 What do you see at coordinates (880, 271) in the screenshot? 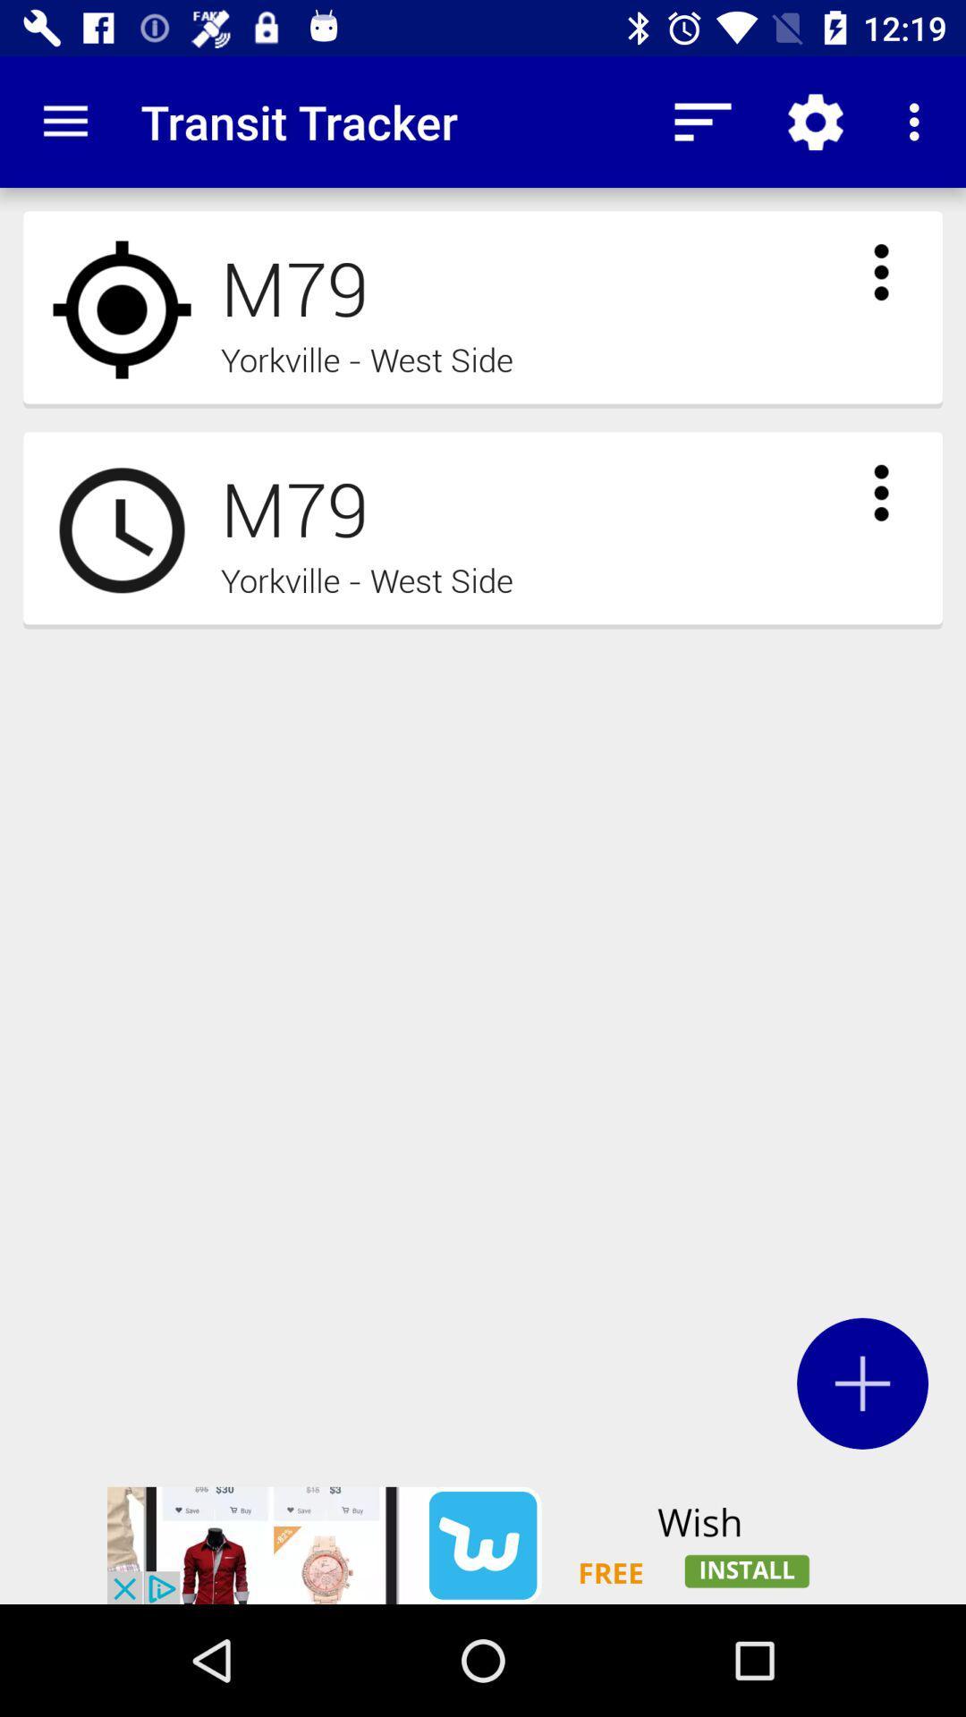
I see `to view options` at bounding box center [880, 271].